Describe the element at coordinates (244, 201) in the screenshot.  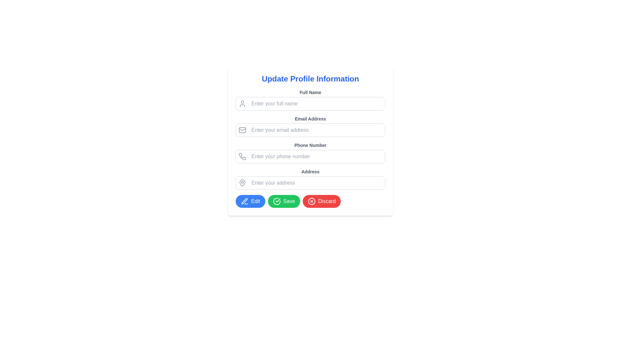
I see `the SVG icon indicating editing functionality within the 'Edit' button located in the lower-left corner of the form` at that location.